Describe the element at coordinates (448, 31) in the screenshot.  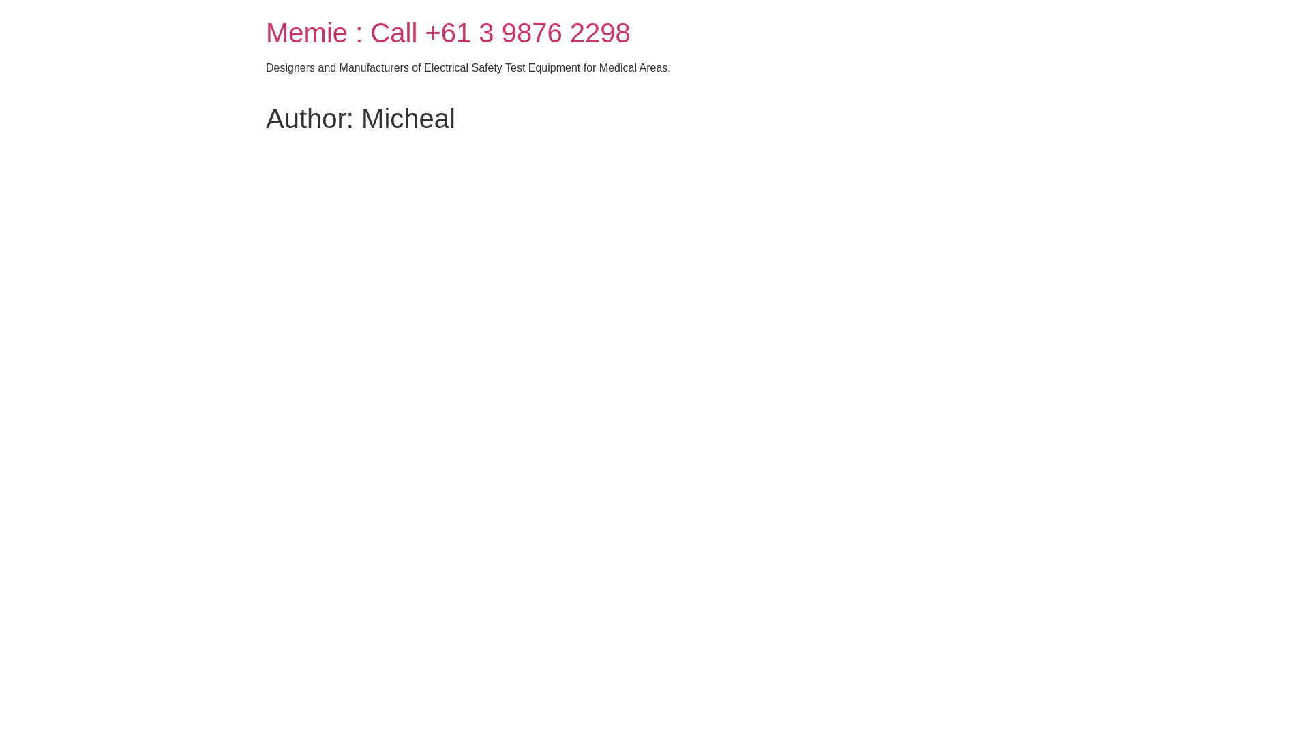
I see `'Memie : Call +61 3 9876 2298'` at that location.